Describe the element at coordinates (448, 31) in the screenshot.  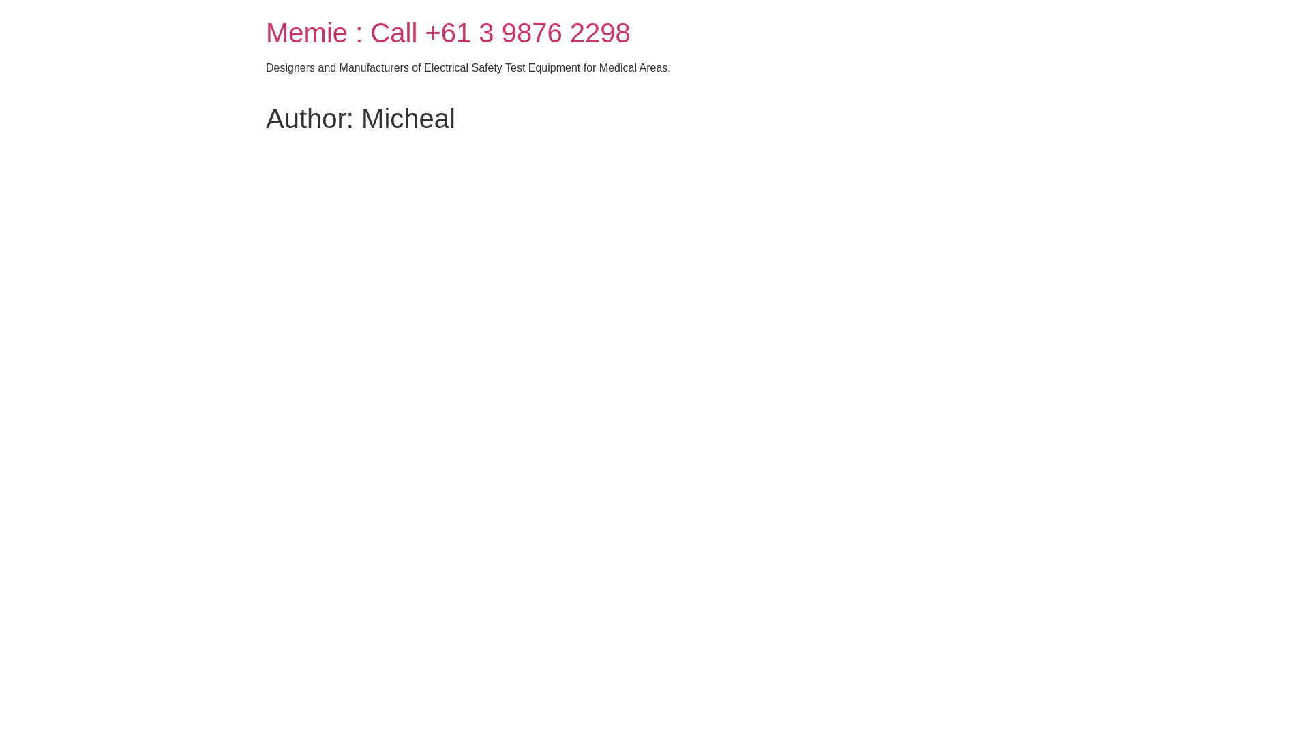
I see `'Memie : Call +61 3 9876 2298'` at that location.